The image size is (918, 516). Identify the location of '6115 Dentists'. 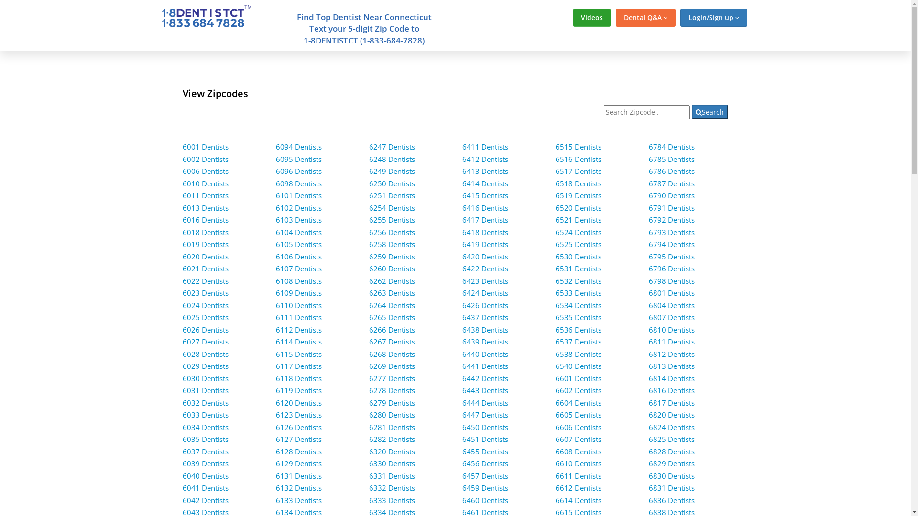
(275, 354).